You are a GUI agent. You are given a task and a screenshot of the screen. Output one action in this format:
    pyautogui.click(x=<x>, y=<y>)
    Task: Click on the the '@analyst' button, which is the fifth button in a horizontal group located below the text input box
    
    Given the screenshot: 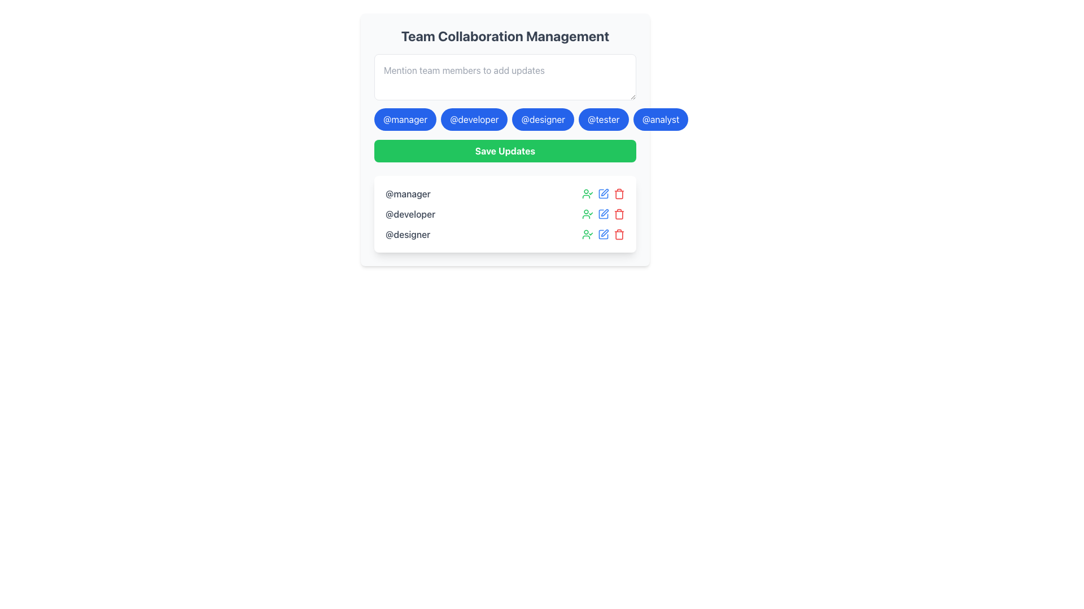 What is the action you would take?
    pyautogui.click(x=661, y=120)
    